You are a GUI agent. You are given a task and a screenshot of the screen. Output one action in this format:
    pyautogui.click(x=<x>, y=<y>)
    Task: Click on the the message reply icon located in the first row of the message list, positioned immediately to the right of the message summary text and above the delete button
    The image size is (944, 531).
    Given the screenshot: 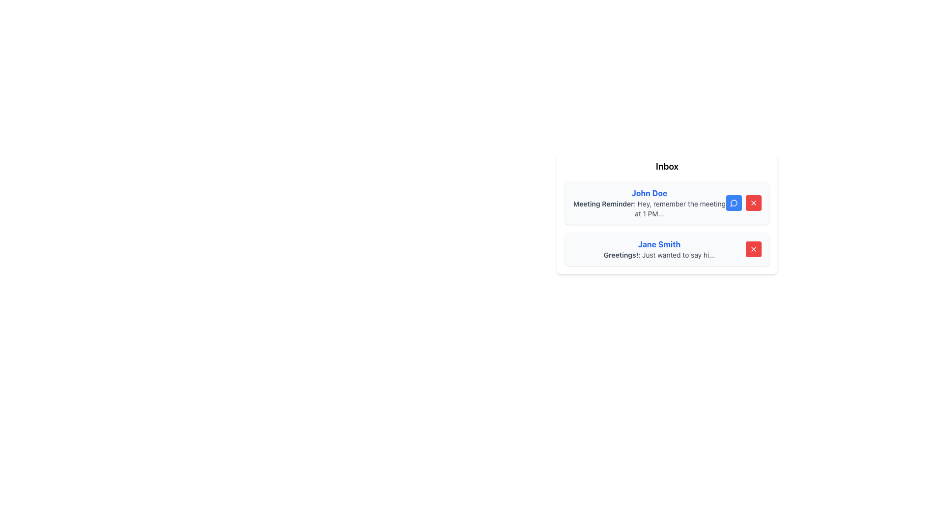 What is the action you would take?
    pyautogui.click(x=734, y=202)
    